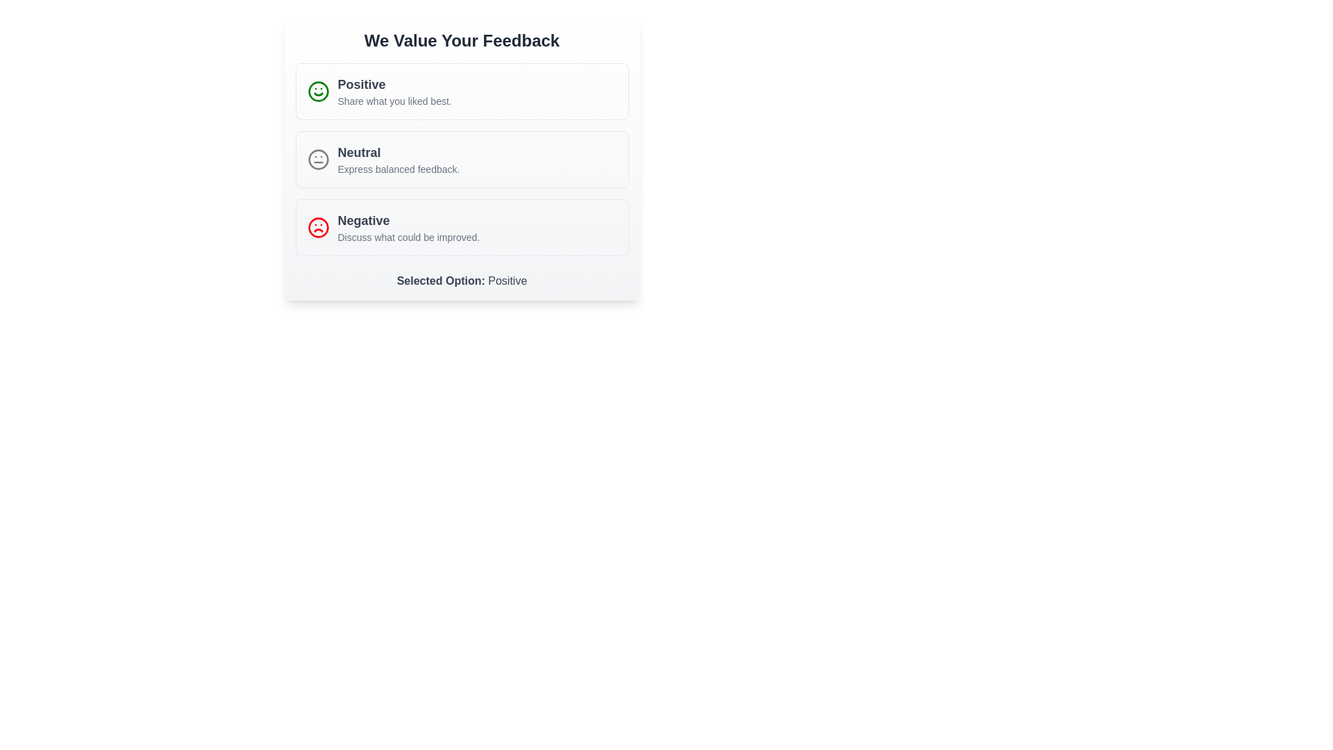 This screenshot has height=750, width=1333. I want to click on the 'Positive' text label that displays the bolded title and descriptive text in the feedback submission list, located directly under the green circular icon, so click(394, 91).